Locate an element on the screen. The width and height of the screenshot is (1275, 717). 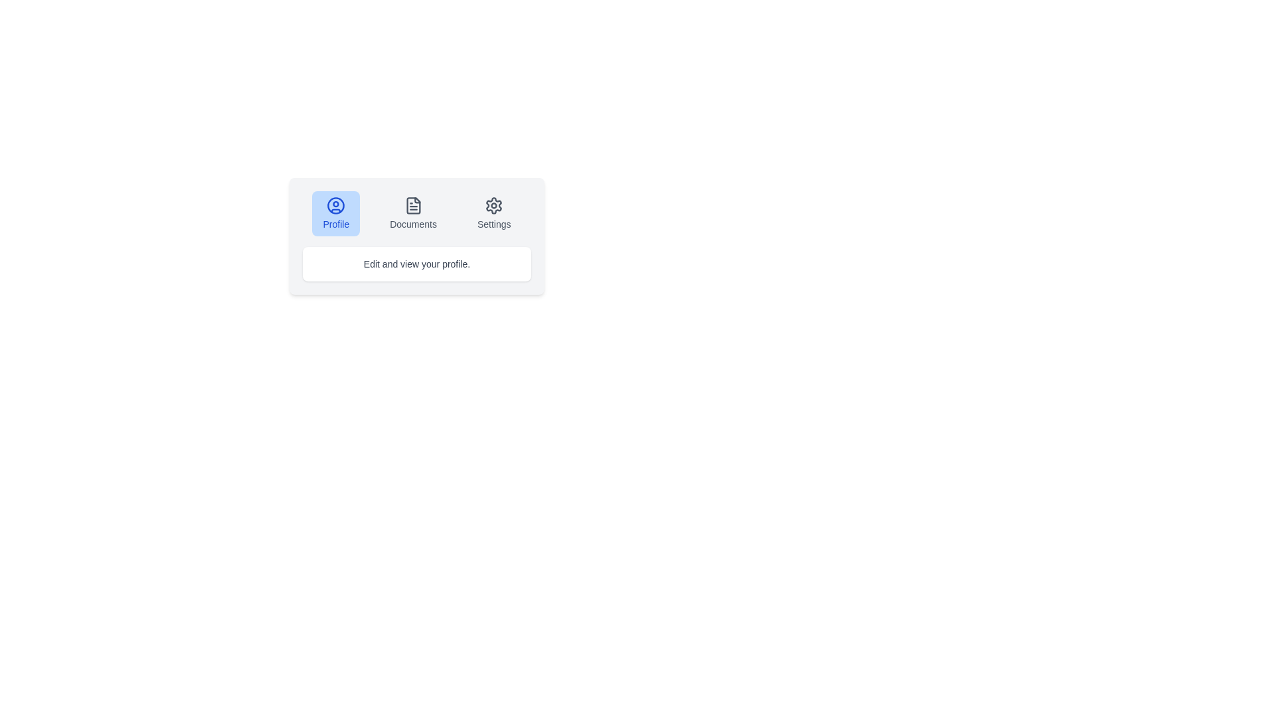
informational text box that instructs users to 'Edit and view your profile.' located centrally below the options 'Profile,' 'Documents,' and 'Settings.' is located at coordinates (416, 264).